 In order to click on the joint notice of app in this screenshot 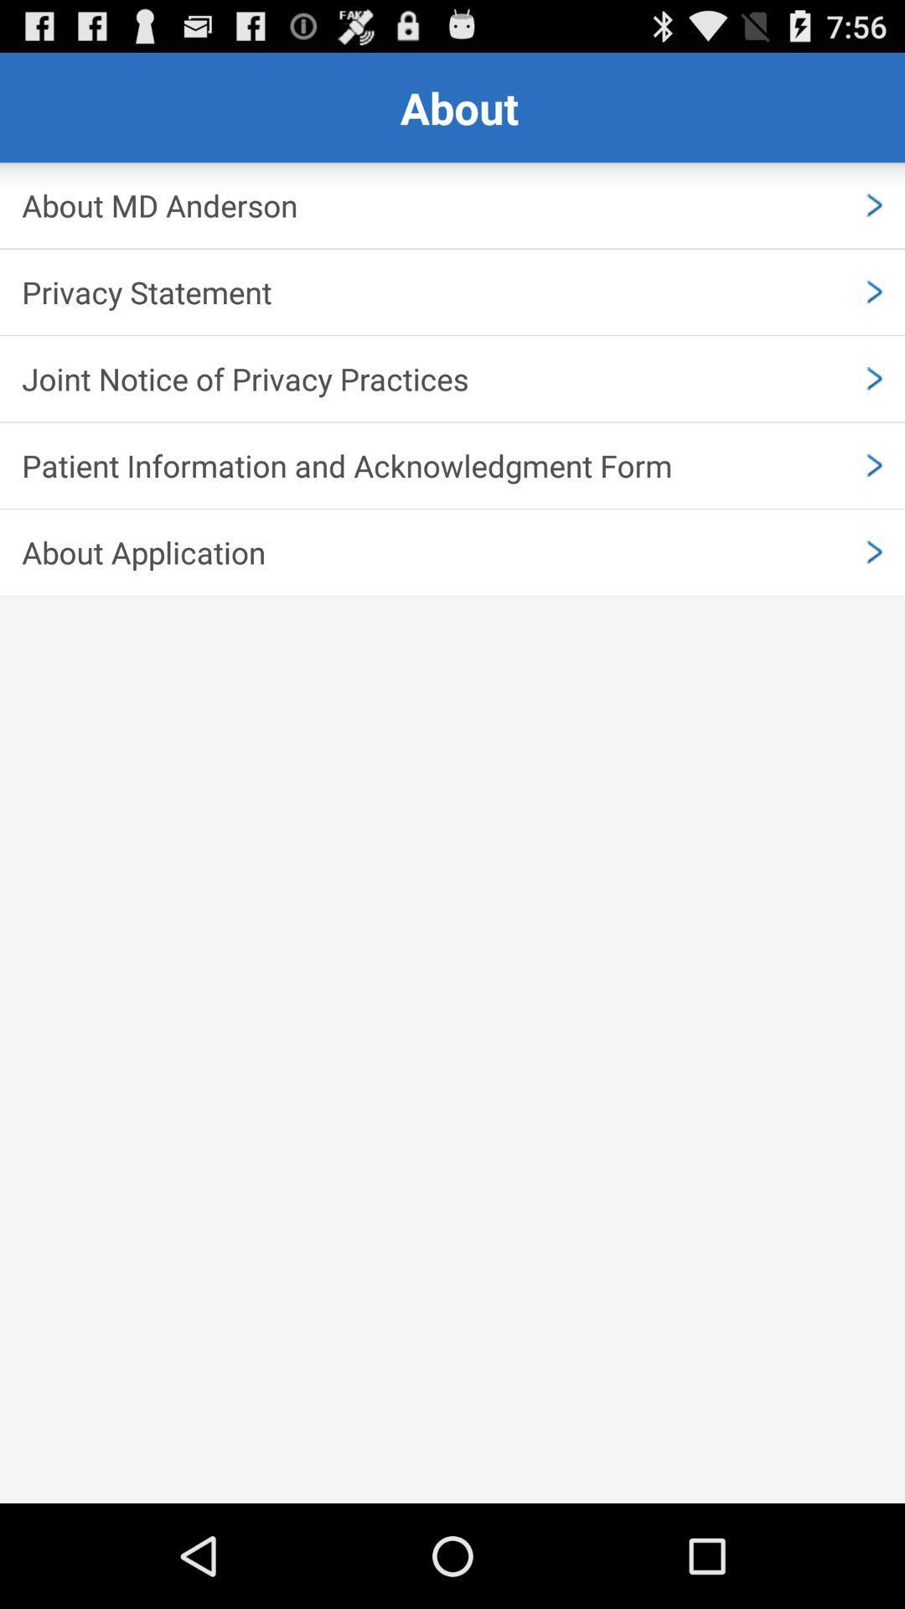, I will do `click(452, 378)`.